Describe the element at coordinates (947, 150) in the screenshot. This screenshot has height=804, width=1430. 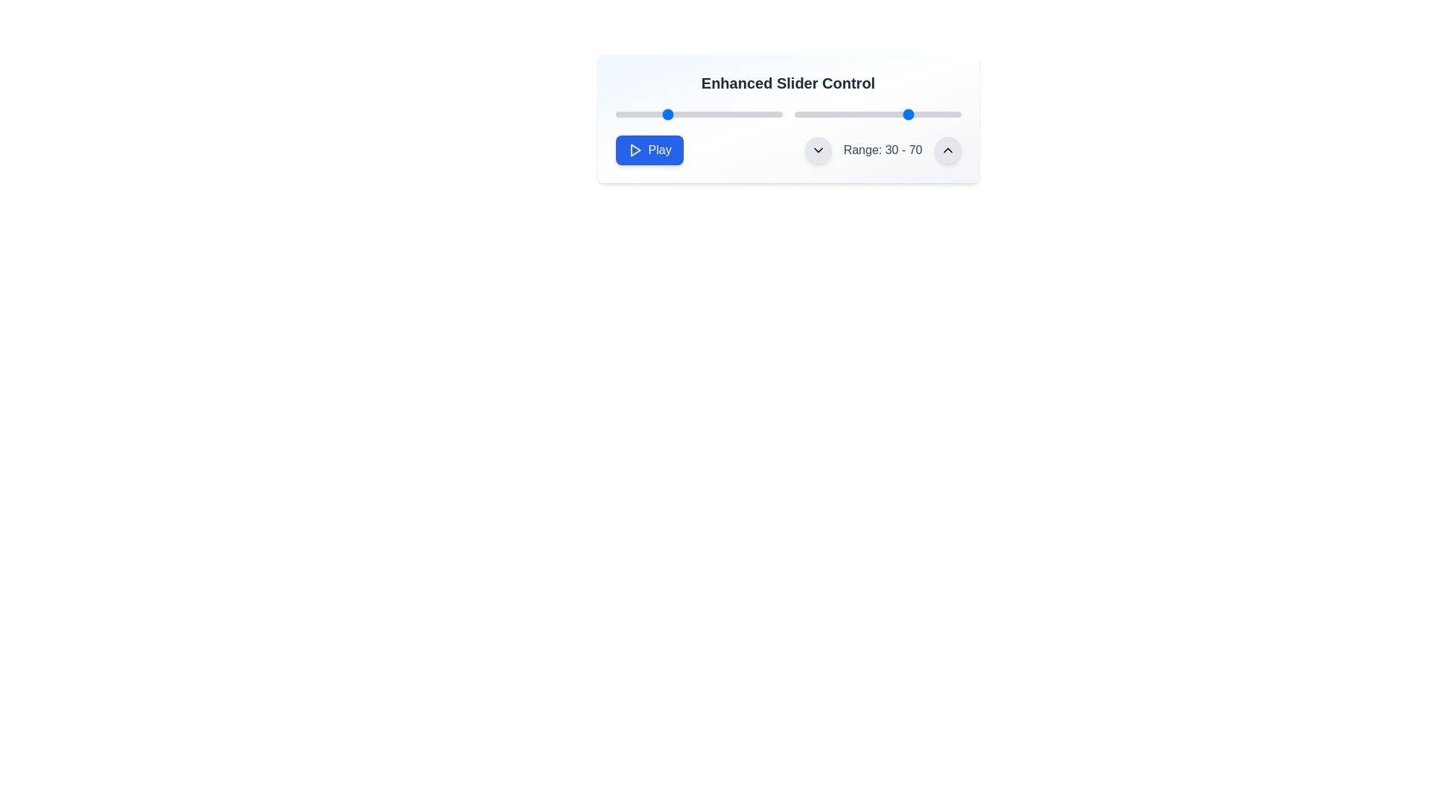
I see `the chevron icon located at the upper-right corner of the interface, near the 'Range: 30 - 70' button` at that location.